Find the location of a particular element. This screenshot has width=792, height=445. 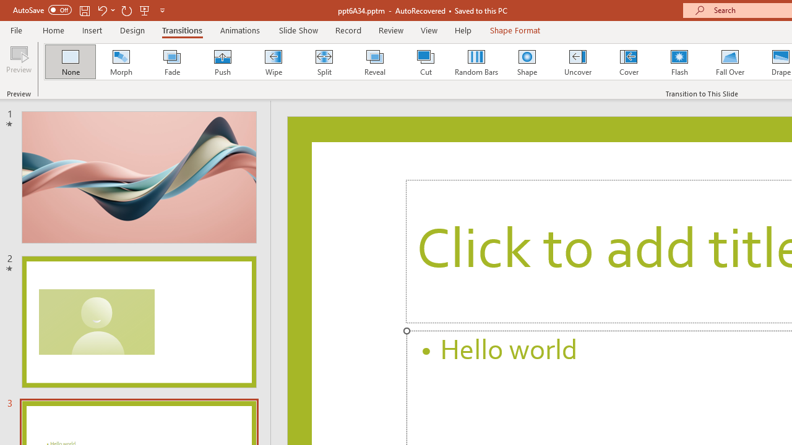

'Reveal' is located at coordinates (374, 62).